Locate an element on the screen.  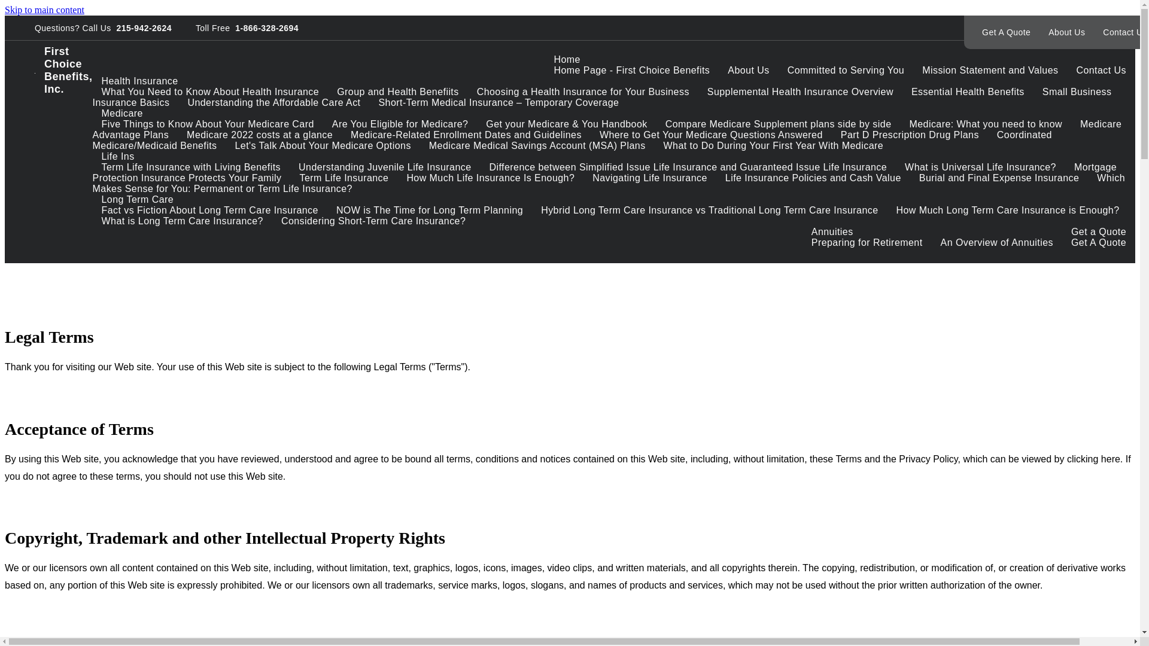
'About Us' is located at coordinates (1039, 32).